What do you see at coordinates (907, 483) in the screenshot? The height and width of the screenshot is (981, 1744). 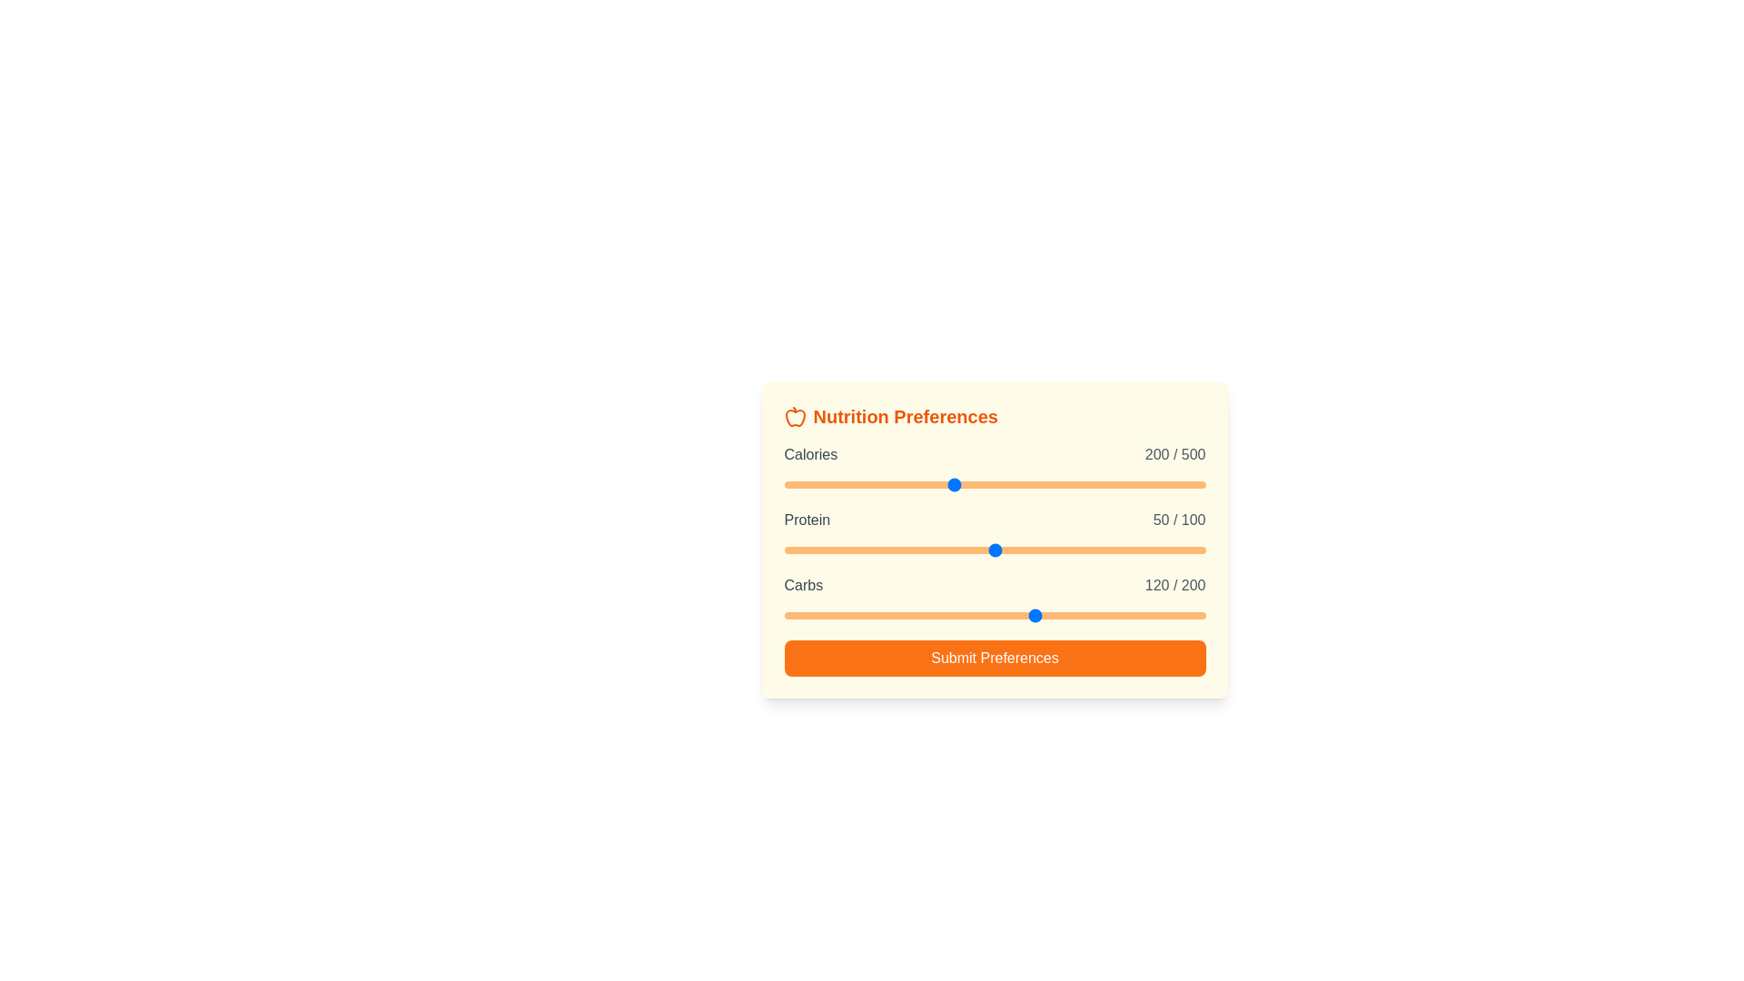 I see `calorie intake` at bounding box center [907, 483].